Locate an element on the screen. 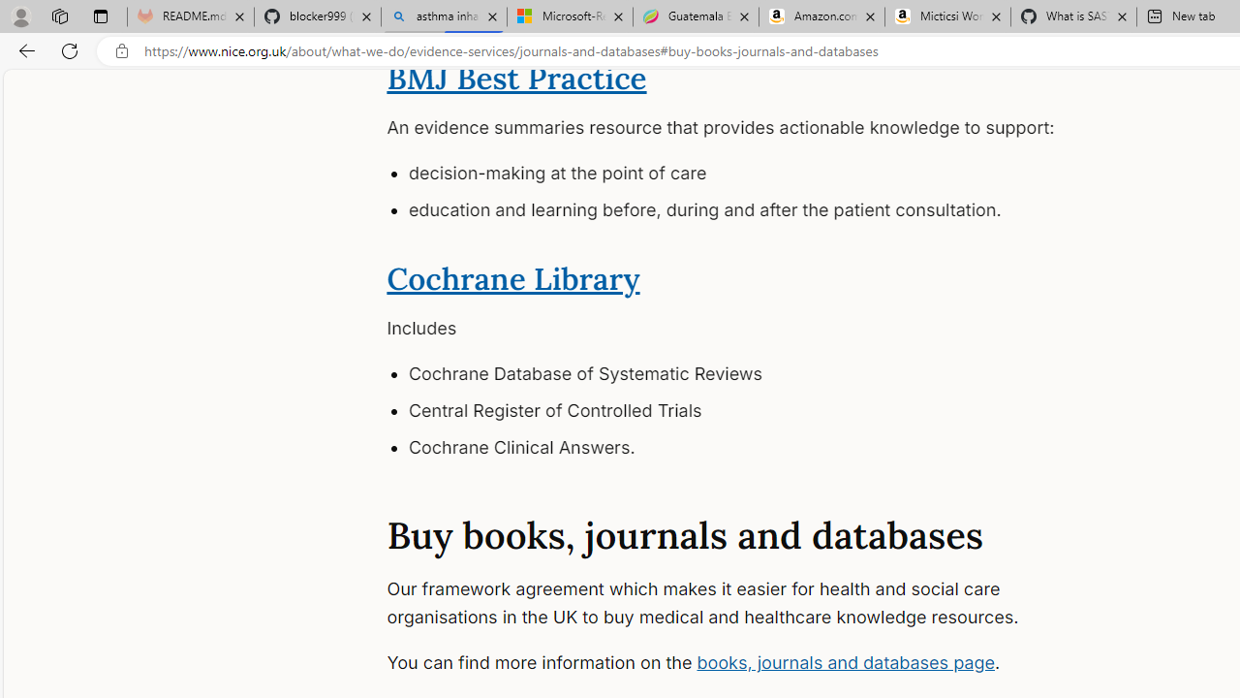  'Microsoft-Report a Concern to Bing' is located at coordinates (569, 16).